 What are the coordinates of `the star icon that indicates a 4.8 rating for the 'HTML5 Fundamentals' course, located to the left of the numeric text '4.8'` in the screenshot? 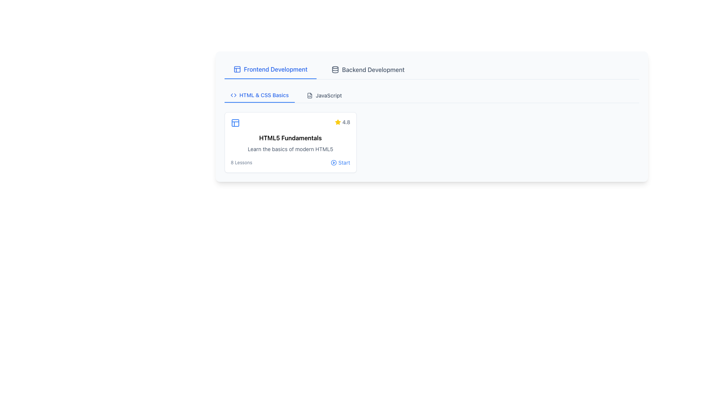 It's located at (337, 121).